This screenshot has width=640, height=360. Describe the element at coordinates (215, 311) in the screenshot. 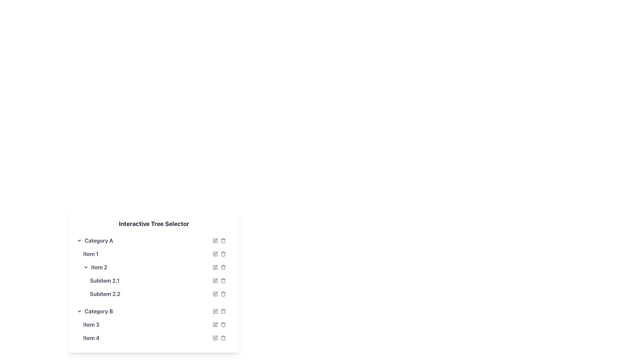

I see `the edit button associated with 'Category B', which is the first icon in the action icons layout next to the 'Category B' item` at that location.